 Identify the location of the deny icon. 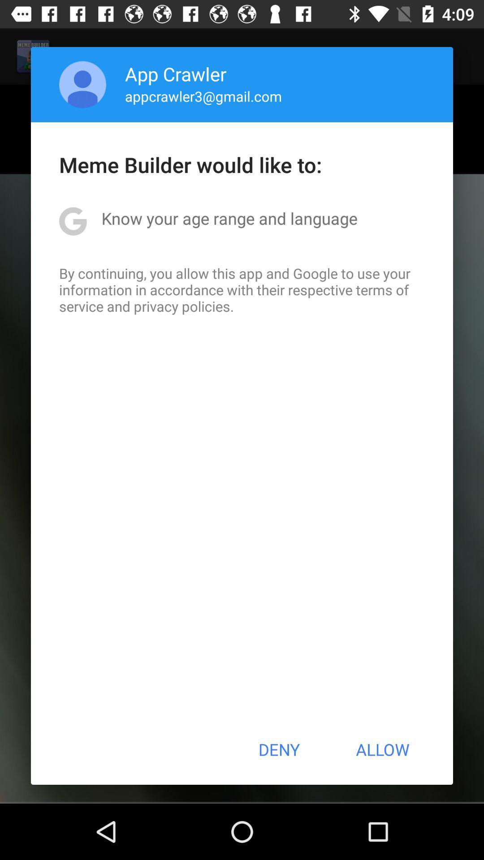
(278, 749).